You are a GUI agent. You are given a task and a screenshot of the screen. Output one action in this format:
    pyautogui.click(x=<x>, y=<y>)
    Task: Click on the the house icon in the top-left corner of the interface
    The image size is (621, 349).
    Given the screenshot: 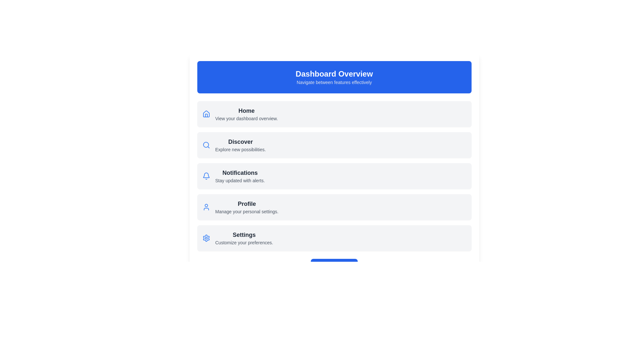 What is the action you would take?
    pyautogui.click(x=206, y=115)
    